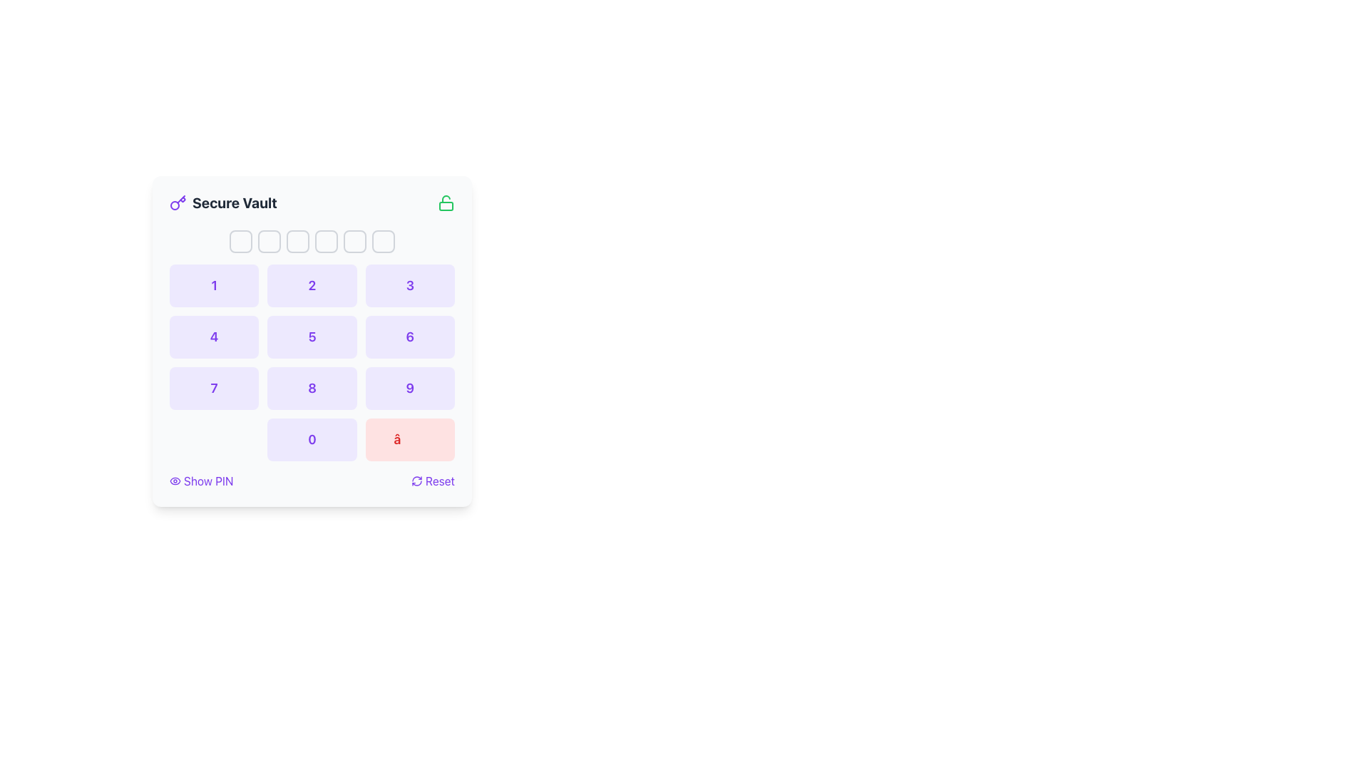 This screenshot has width=1369, height=770. I want to click on the status indicator icon representing the 'Secure Vault' being unlocked, located at the right end of the row with the 'Secure Vault' text, so click(445, 203).